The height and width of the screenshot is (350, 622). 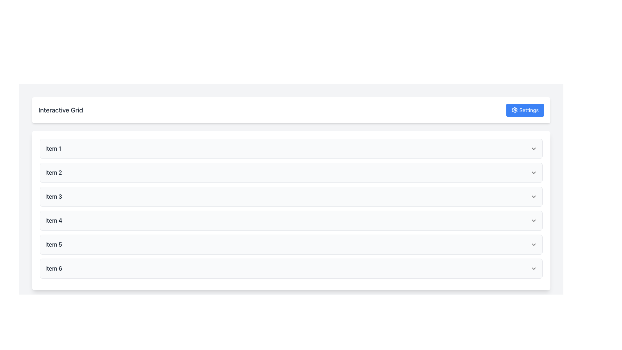 I want to click on the Dropdown toggle icon located at the far right of the 'Item 1' row in the interactive grid, so click(x=534, y=149).